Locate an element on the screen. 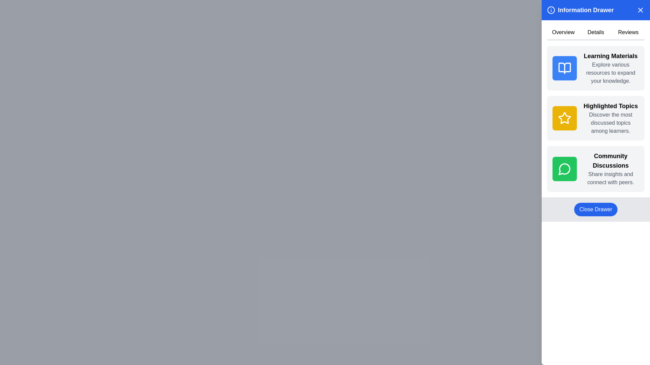 The height and width of the screenshot is (365, 650). the green rectangular button with a white chat bubble icon, which is located in the 'Community Discussions' section, to associate it with the text 'Share insights and connect with peers.' is located at coordinates (565, 169).